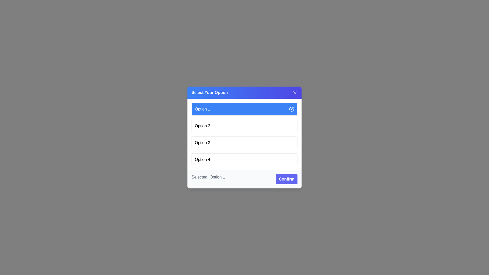  Describe the element at coordinates (295, 92) in the screenshot. I see `the close button located at the top-right corner of the dialog box, adjacent to the title bar labeled 'Select Your Option'` at that location.